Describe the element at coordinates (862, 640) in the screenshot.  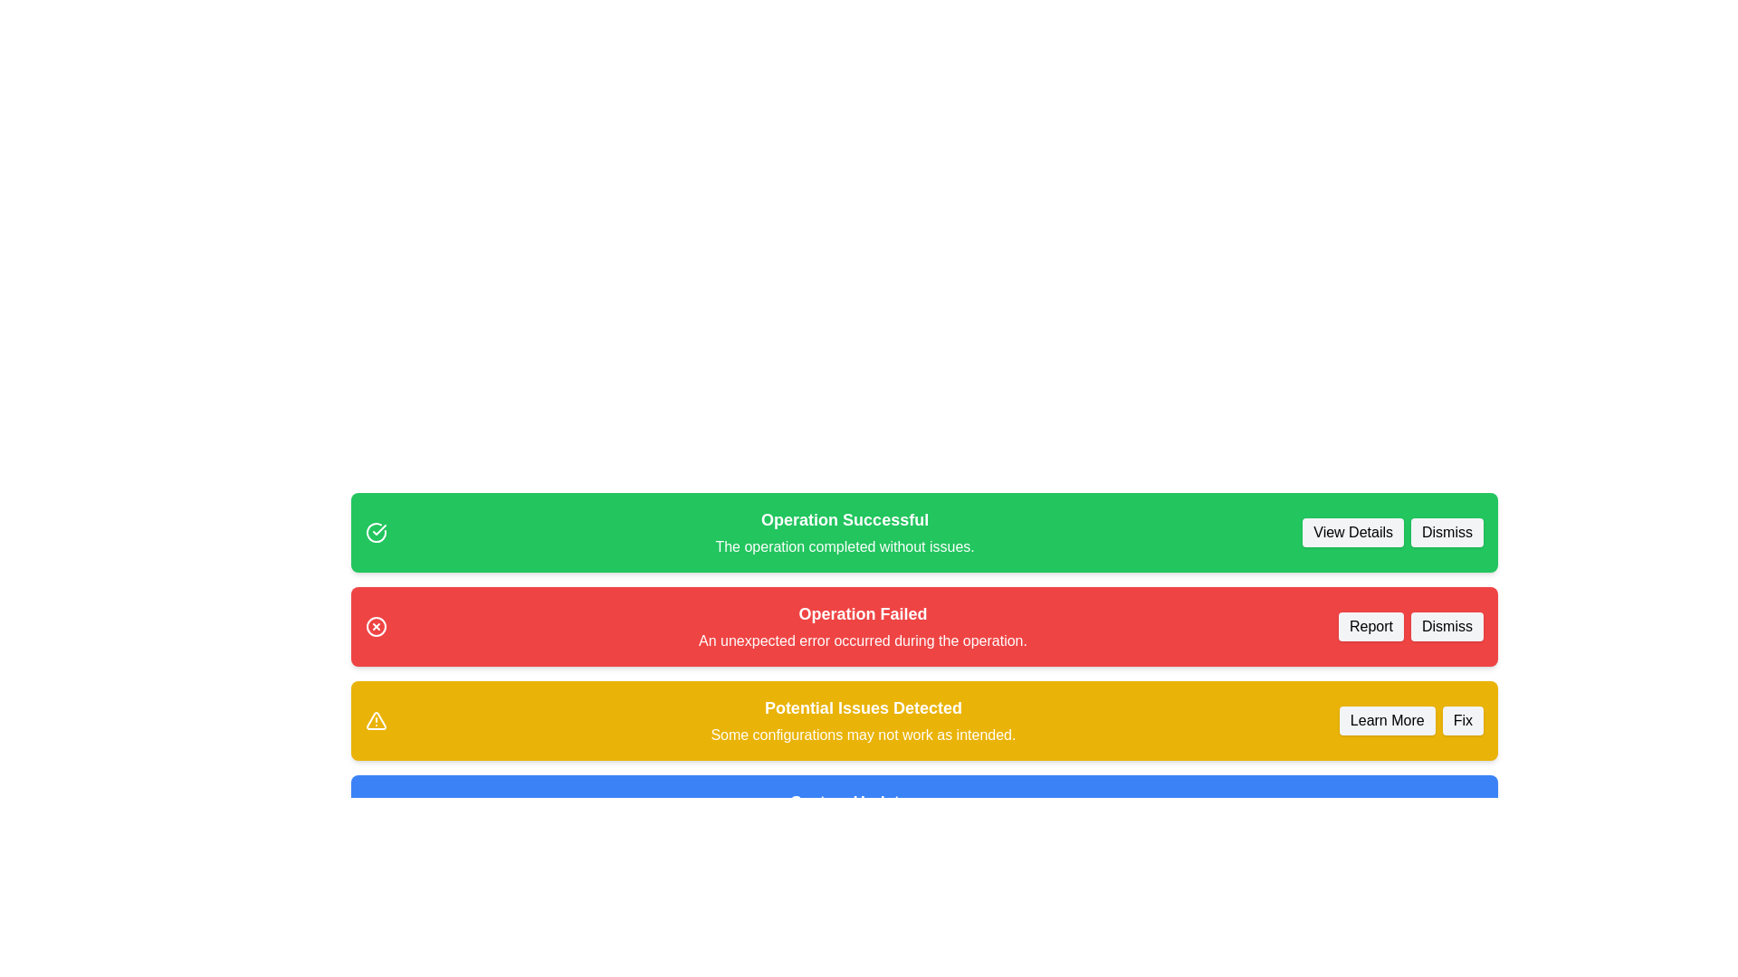
I see `text from the text label displaying 'An unexpected error occurred during the operation.' which is located in the red alert box under the heading 'Operation Failed.'` at that location.